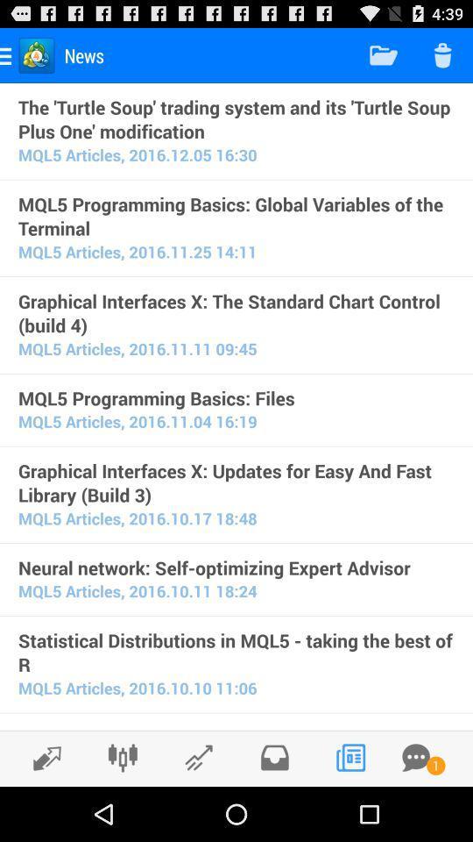 This screenshot has height=842, width=473. I want to click on the item above the mql5 articles 2016, so click(236, 567).